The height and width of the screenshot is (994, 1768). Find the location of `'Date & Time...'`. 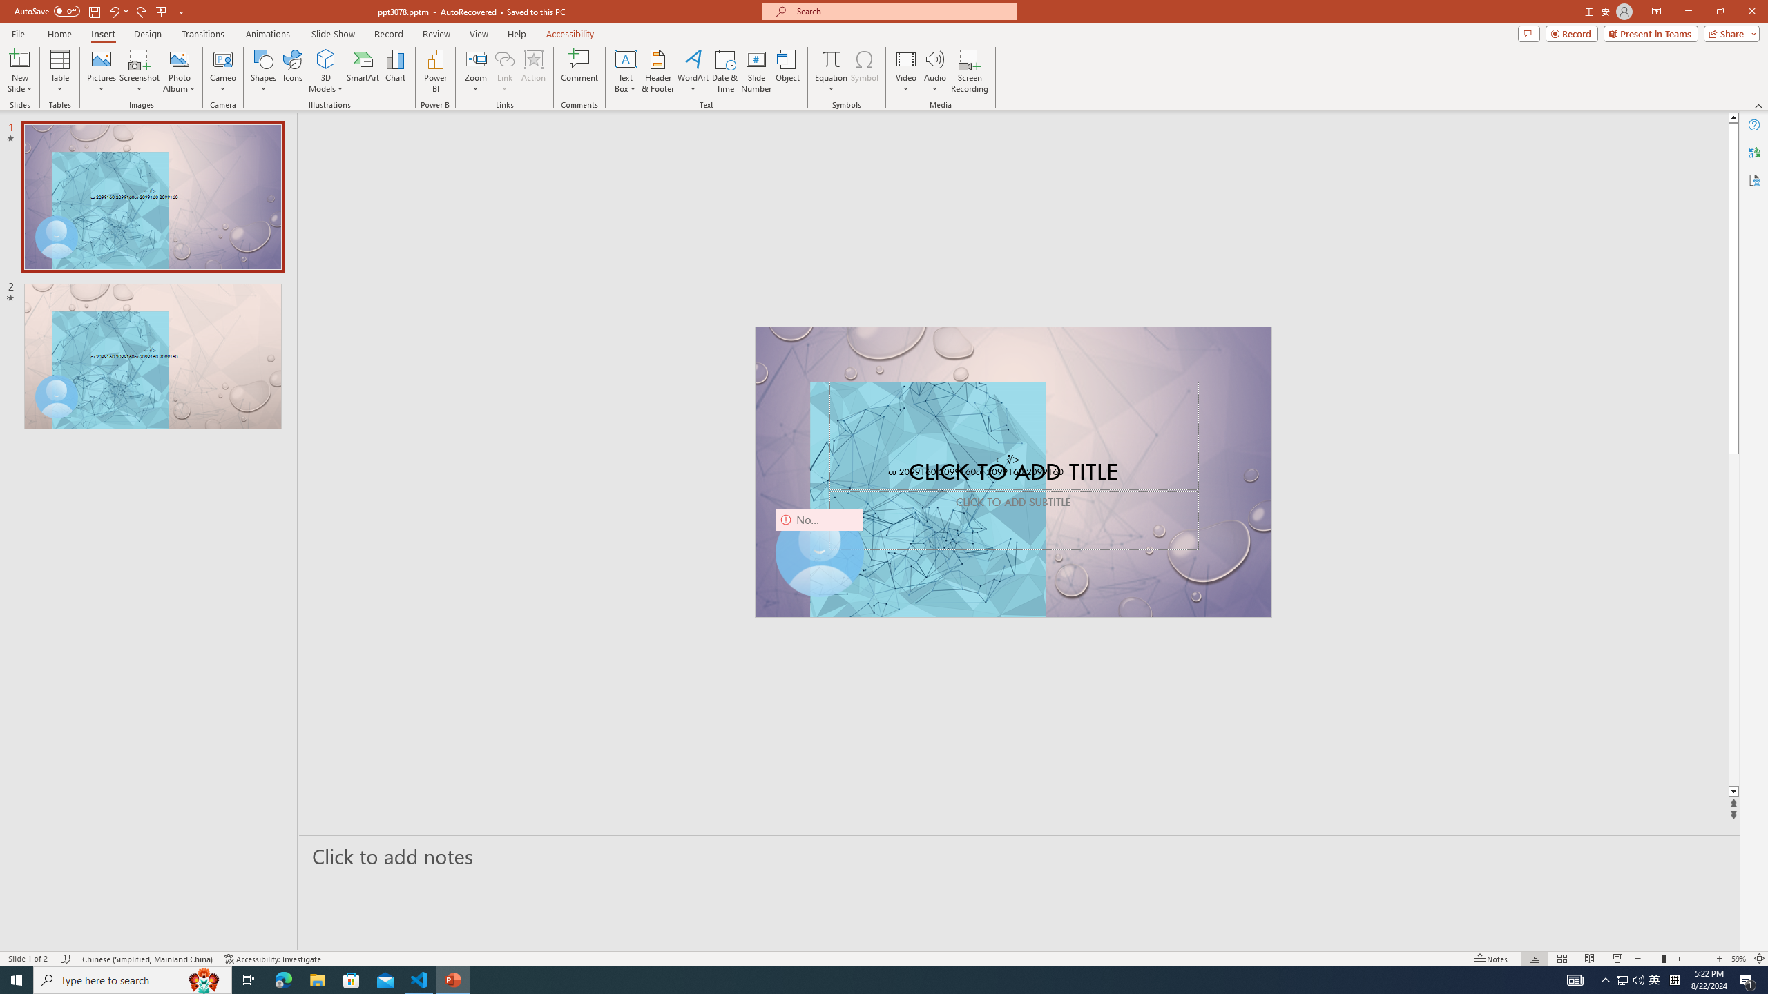

'Date & Time...' is located at coordinates (724, 71).